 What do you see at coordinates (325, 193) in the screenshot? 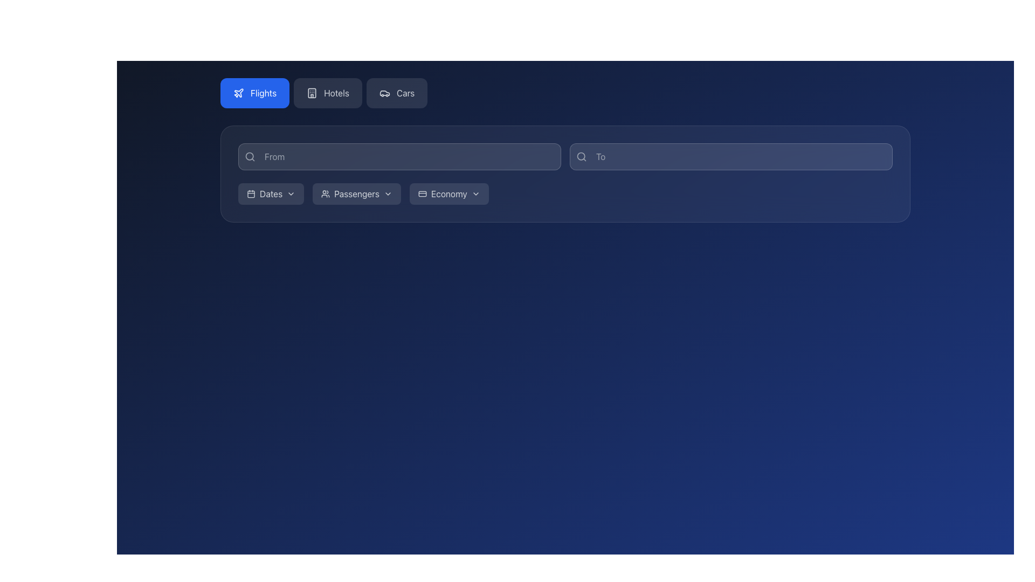
I see `the 'Passengers' button, which is represented by an Icon located on the left side of the button adjacent to the label 'Passengers'` at bounding box center [325, 193].